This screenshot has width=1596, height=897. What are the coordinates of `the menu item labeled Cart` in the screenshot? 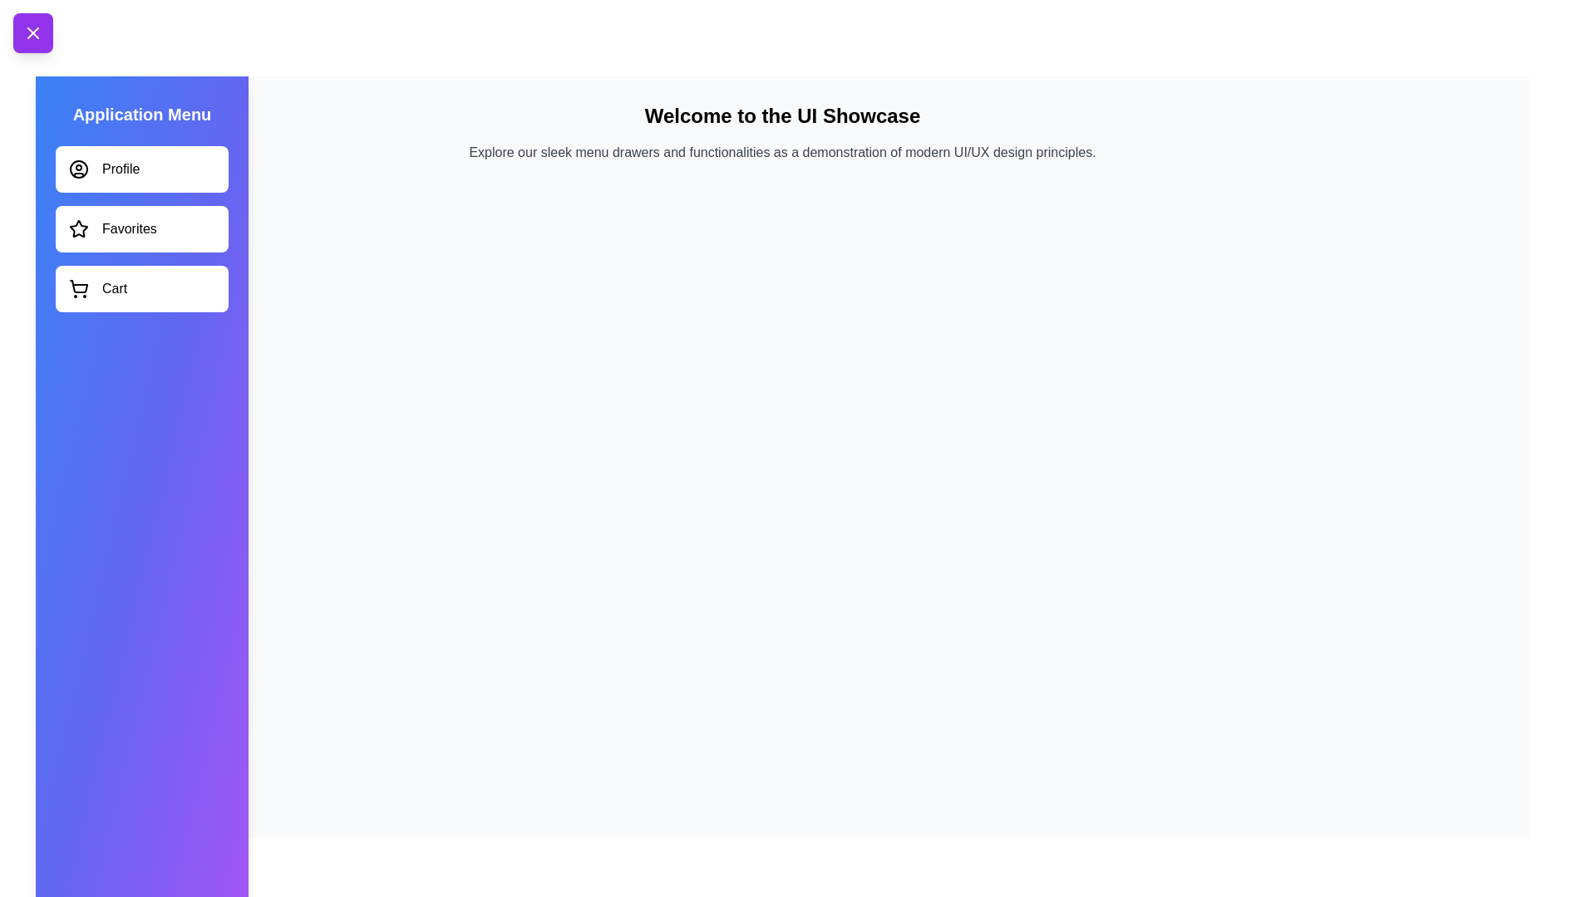 It's located at (142, 287).